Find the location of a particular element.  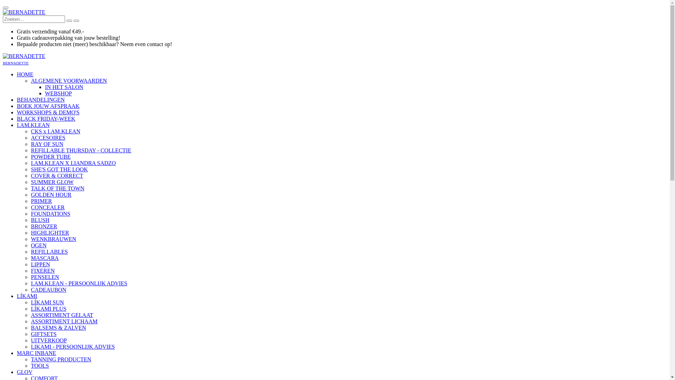

'WENKBRAUWEN' is located at coordinates (53, 239).